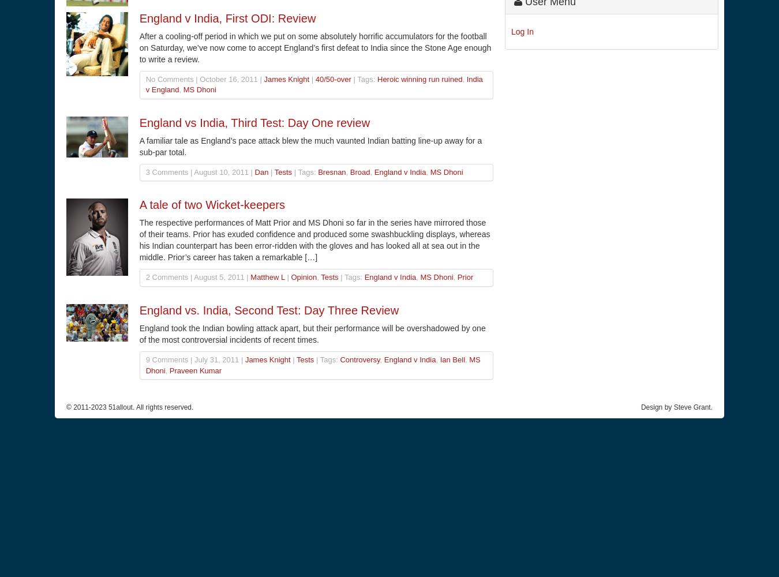 The image size is (779, 577). What do you see at coordinates (313, 240) in the screenshot?
I see `'The respective performances of Matt Prior and MS Dhoni so far in the series have mirrored those of their teams. Prior has exuded confidence and produced some swashbuckling displays, whereas his Indian counterpart has been error-ridden with the gloves and has looked all at sea out in the middle. Prior’s career has taken a remarkable […]'` at bounding box center [313, 240].